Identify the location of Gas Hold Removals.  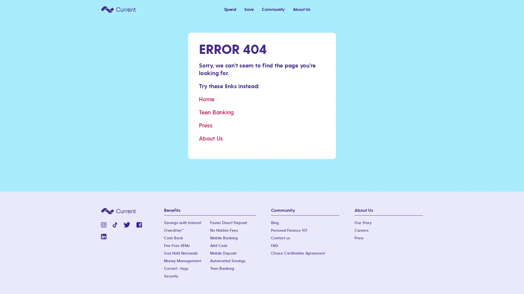
(181, 253).